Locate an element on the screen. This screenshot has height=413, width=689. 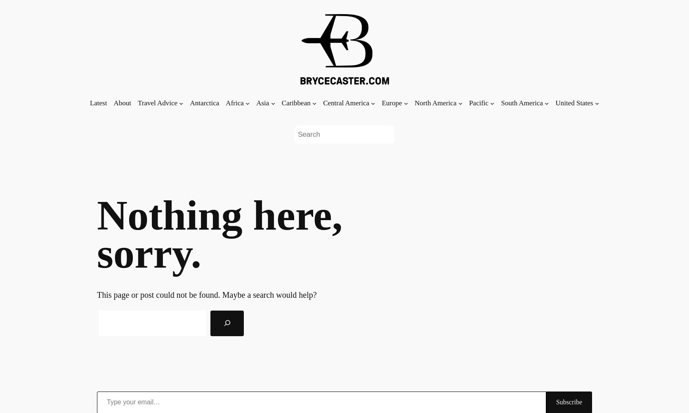
'Nothing here,' is located at coordinates (219, 215).